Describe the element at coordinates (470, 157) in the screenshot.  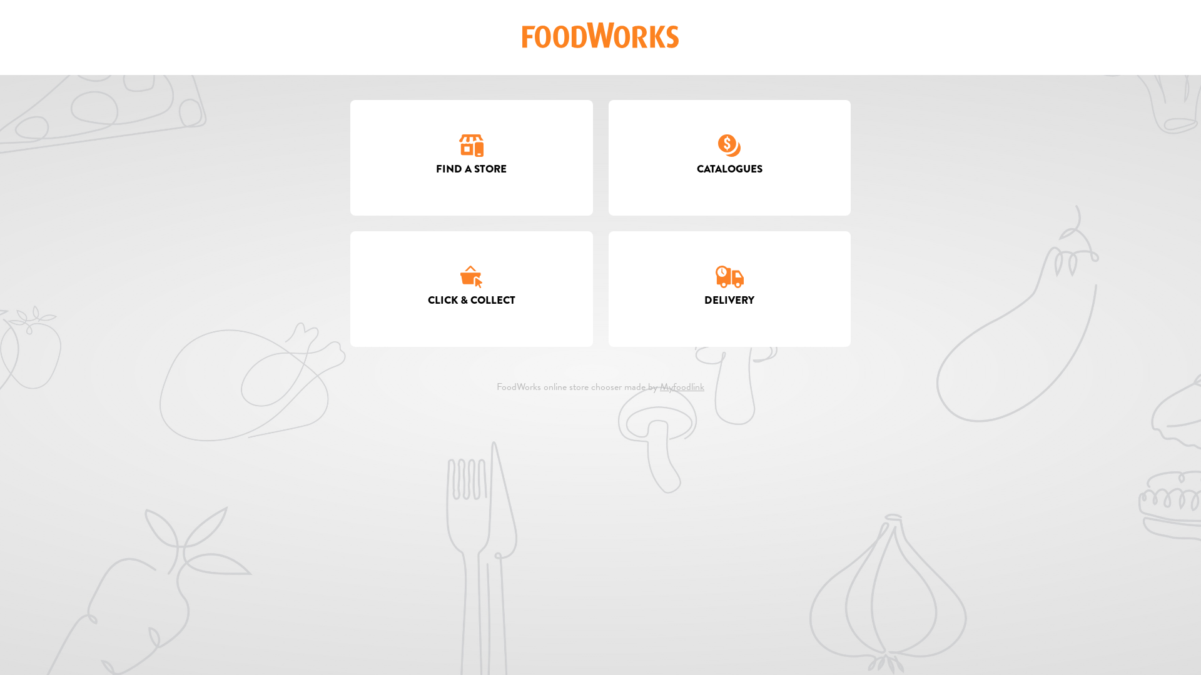
I see `'FIND A STORE'` at that location.